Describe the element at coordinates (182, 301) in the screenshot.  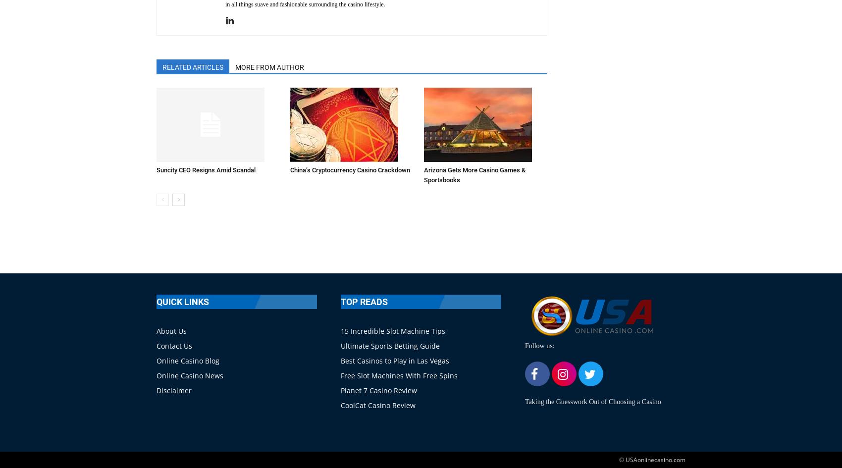
I see `'QUICK LINKS'` at that location.